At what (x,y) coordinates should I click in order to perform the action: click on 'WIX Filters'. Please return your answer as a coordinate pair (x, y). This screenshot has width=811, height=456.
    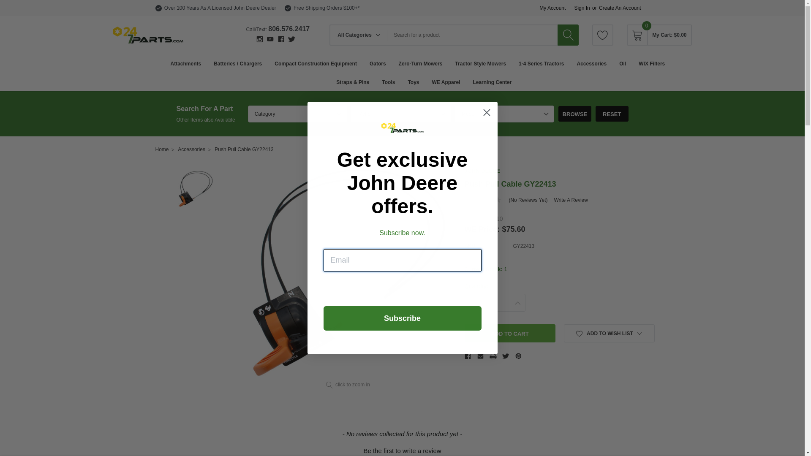
    Looking at the image, I should click on (651, 63).